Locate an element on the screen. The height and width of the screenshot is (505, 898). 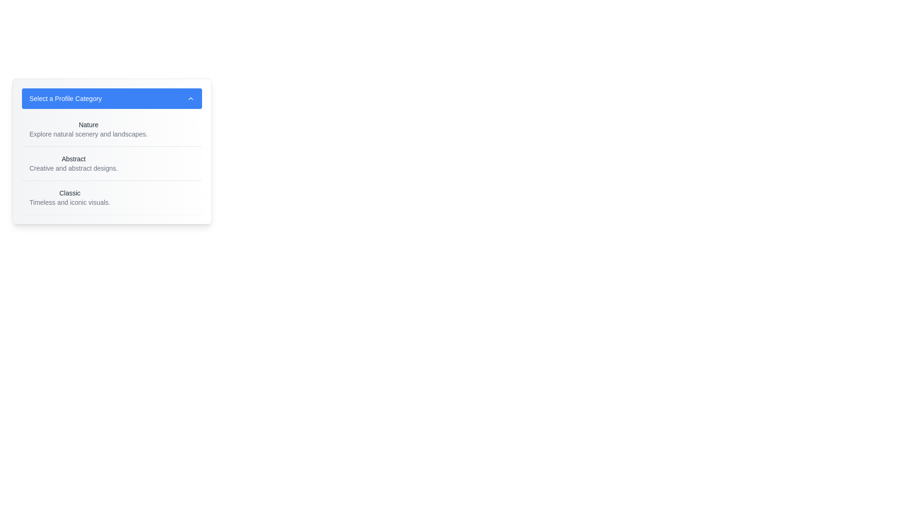
the list item labeled 'Abstract' in the dropdown menu is located at coordinates (112, 151).